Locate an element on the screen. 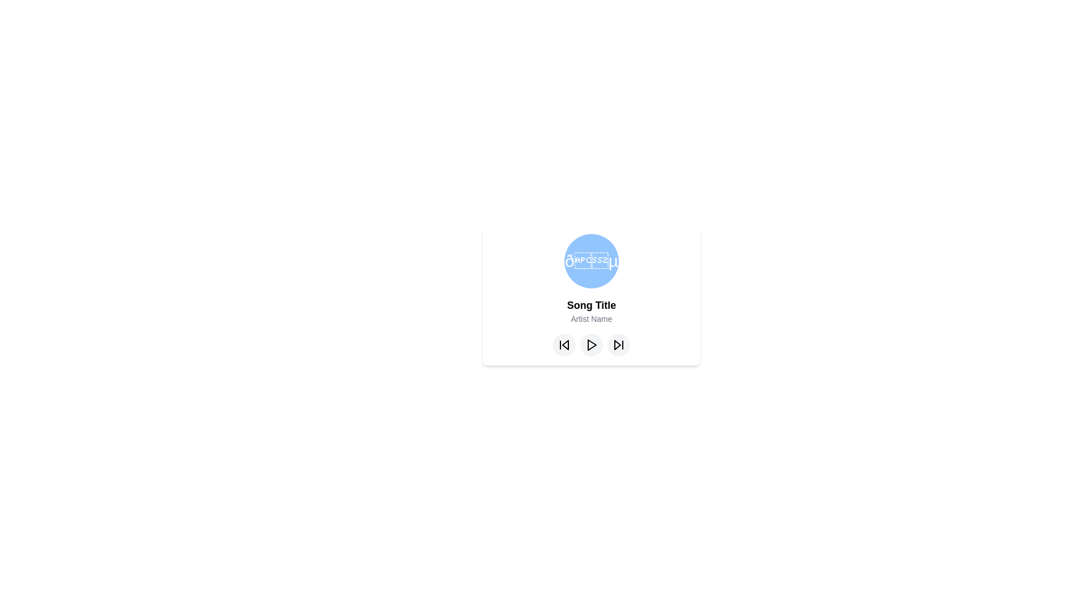 This screenshot has height=612, width=1088. the 'Next' icon located in the circular button at the far-right among three controls at the bottom center of the interface is located at coordinates (618, 345).